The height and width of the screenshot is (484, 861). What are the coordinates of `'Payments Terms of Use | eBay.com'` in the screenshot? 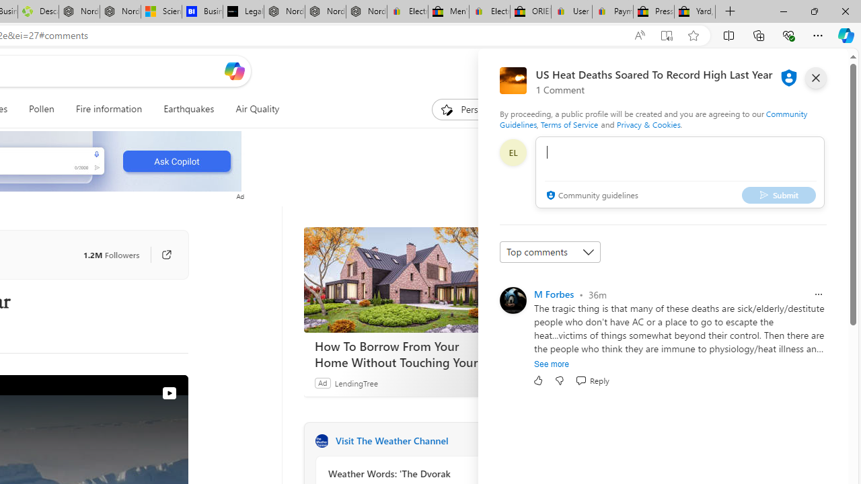 It's located at (611, 11).